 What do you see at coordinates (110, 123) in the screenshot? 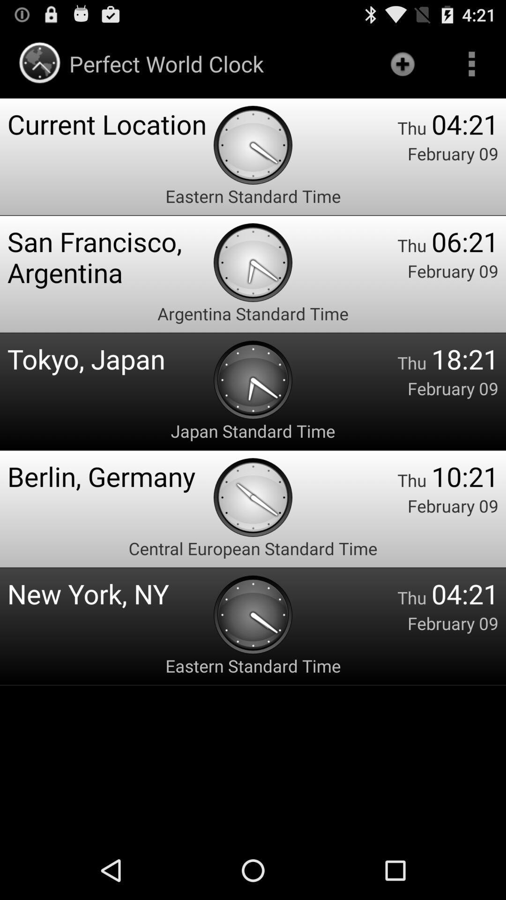
I see `app above the eastern standard time` at bounding box center [110, 123].